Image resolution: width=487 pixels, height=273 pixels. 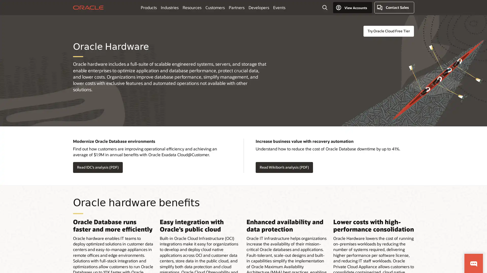 I want to click on Developers, so click(x=258, y=7).